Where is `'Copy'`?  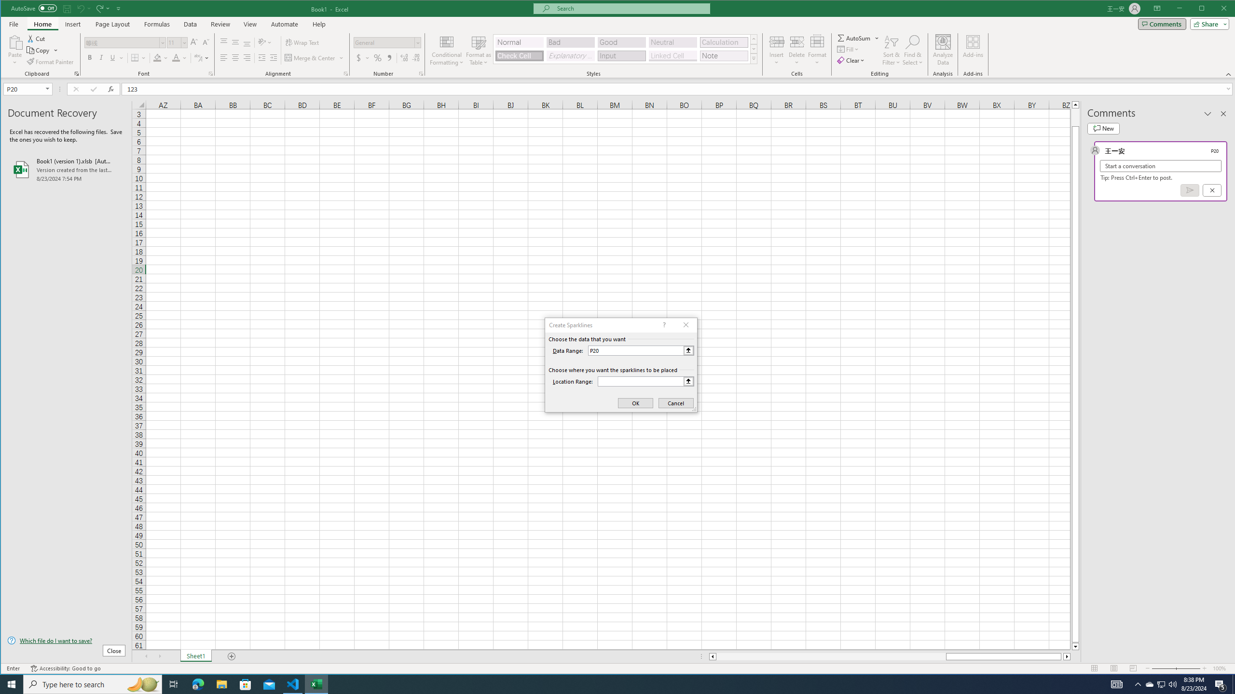 'Copy' is located at coordinates (39, 50).